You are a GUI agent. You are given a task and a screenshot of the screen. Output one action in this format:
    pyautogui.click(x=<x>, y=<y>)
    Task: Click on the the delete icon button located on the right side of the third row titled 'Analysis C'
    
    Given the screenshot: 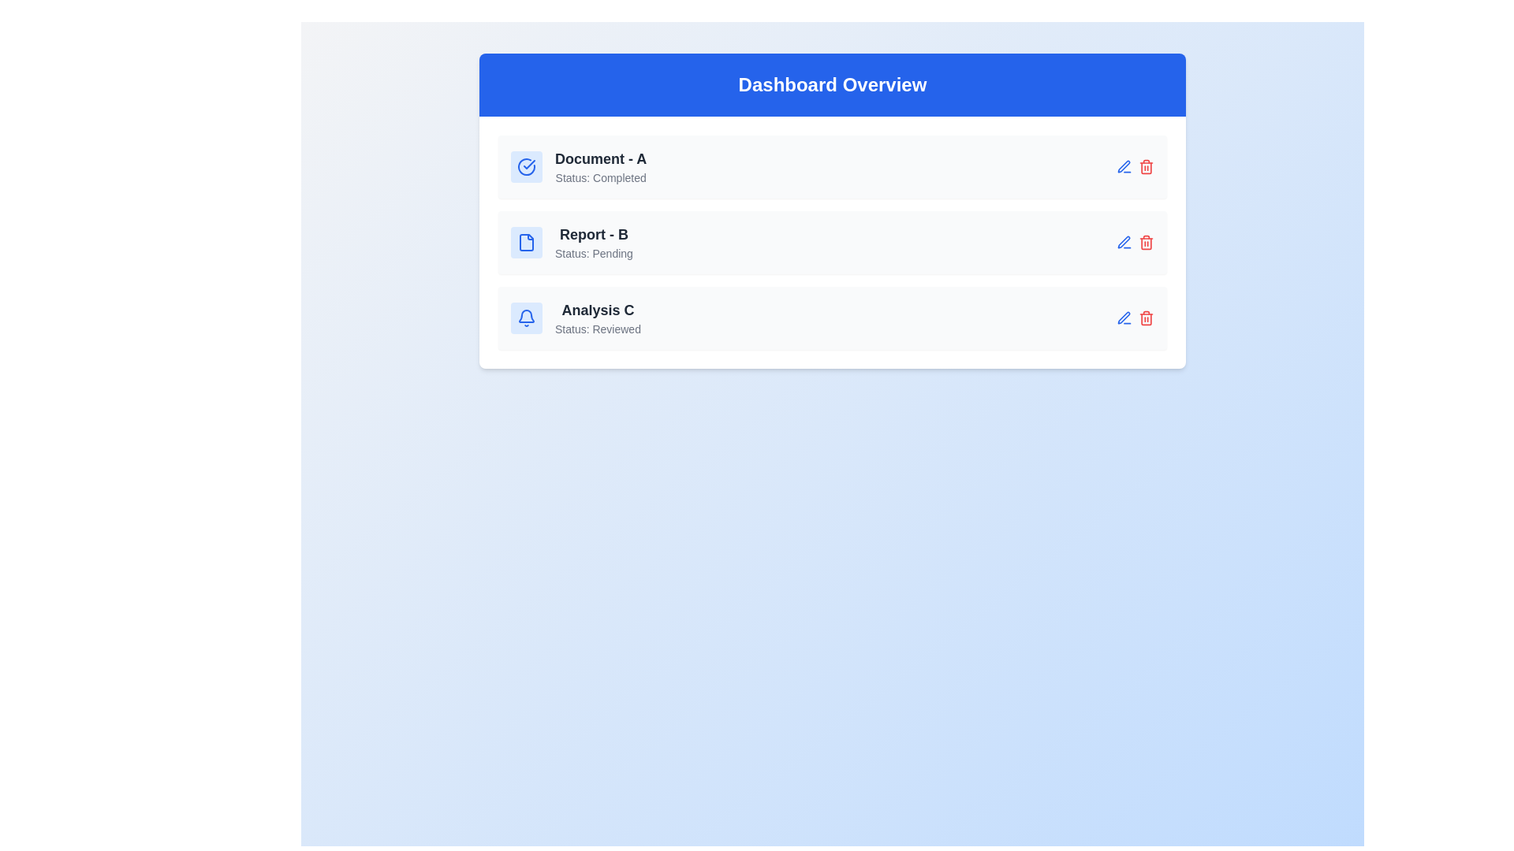 What is the action you would take?
    pyautogui.click(x=1147, y=243)
    